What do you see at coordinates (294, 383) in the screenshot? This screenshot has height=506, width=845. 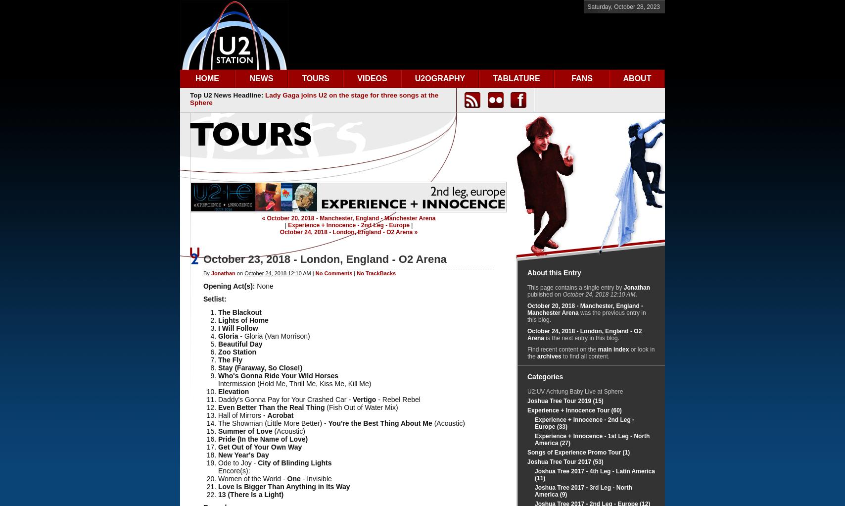 I see `'Intermission (Hold Me, Thrill Me, Kiss Me, Kill Me)'` at bounding box center [294, 383].